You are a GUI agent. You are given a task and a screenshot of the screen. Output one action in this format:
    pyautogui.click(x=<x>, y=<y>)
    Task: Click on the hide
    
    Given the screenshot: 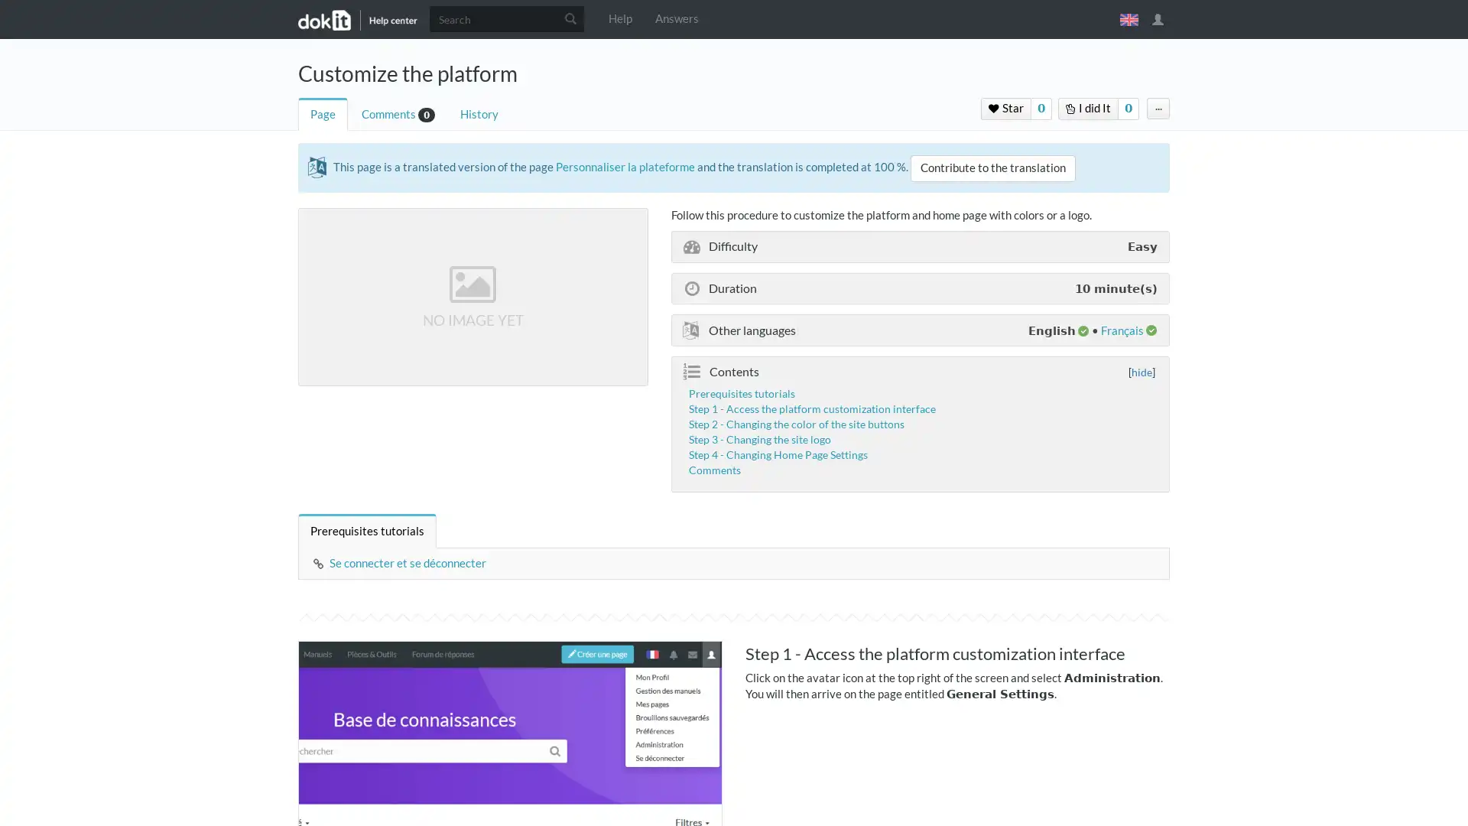 What is the action you would take?
    pyautogui.click(x=1142, y=372)
    